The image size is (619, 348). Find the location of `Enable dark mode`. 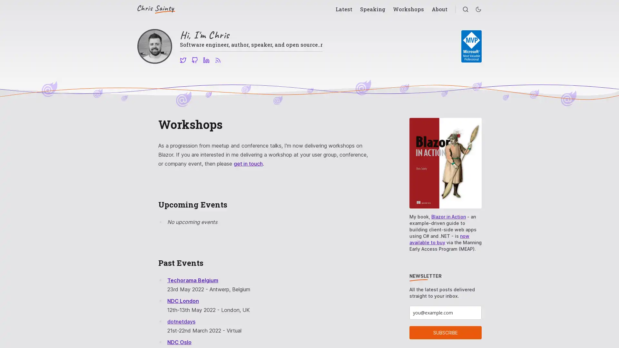

Enable dark mode is located at coordinates (478, 9).